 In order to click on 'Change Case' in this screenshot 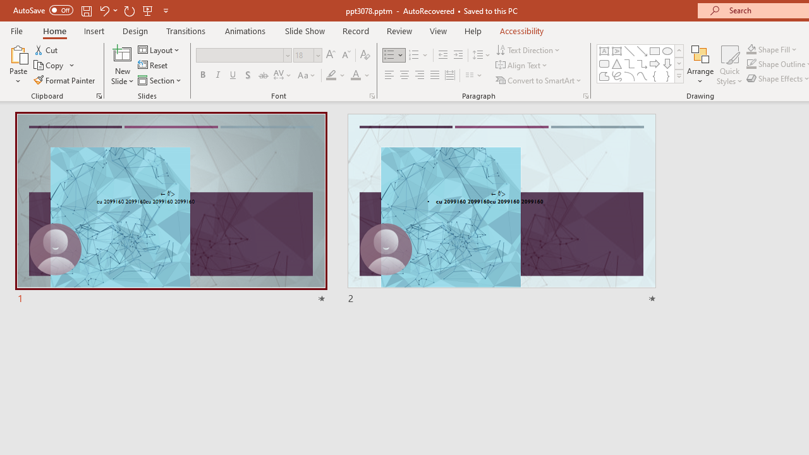, I will do `click(307, 75)`.